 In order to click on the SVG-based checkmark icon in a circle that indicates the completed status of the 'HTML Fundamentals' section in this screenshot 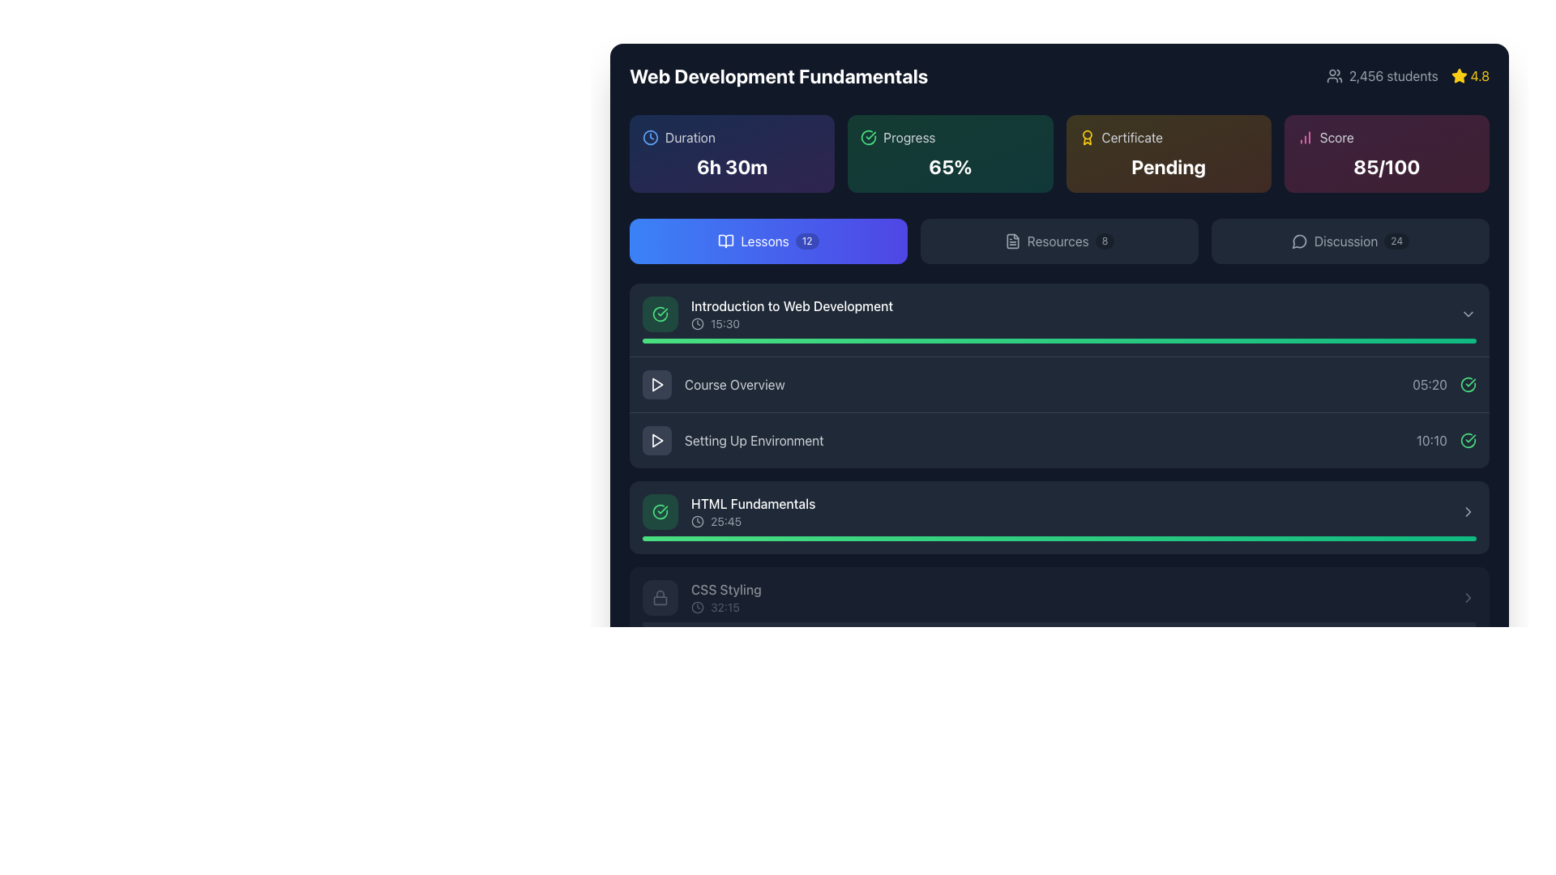, I will do `click(660, 512)`.